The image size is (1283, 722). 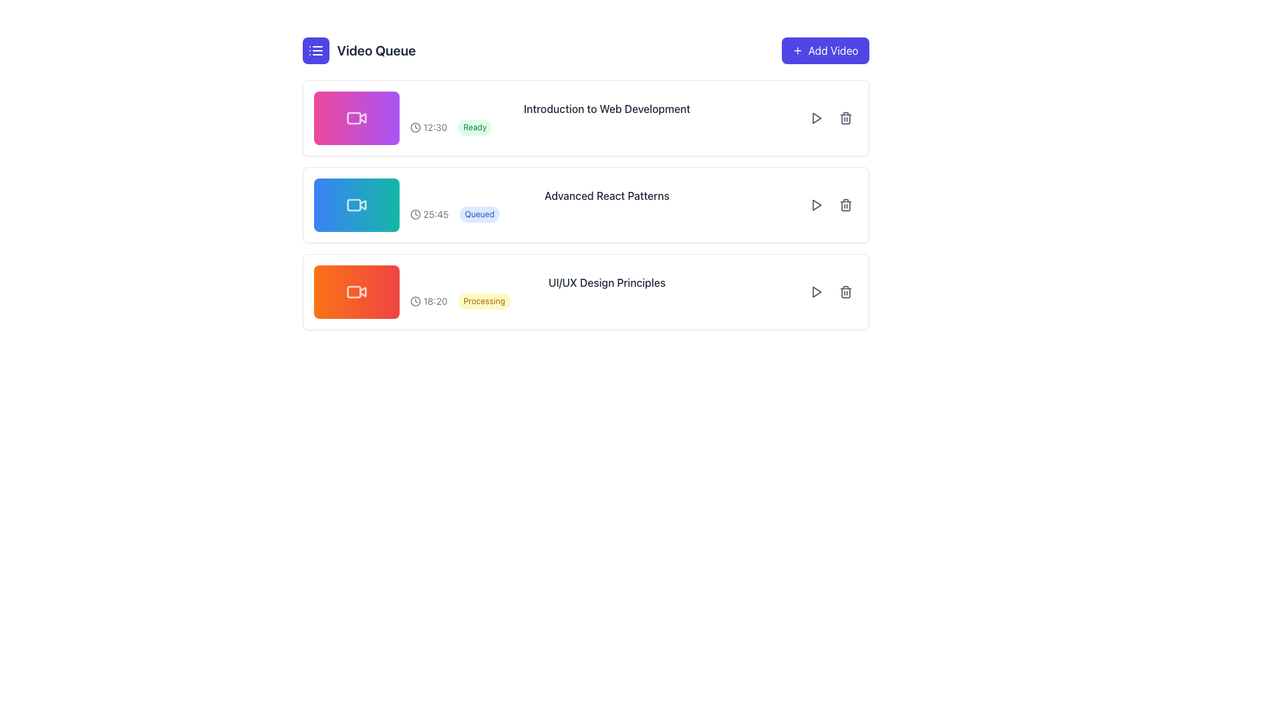 What do you see at coordinates (356, 291) in the screenshot?
I see `the SVG Image Icon representing video content located in the third row of the video list, positioned on the left side of the row within a gradient button` at bounding box center [356, 291].